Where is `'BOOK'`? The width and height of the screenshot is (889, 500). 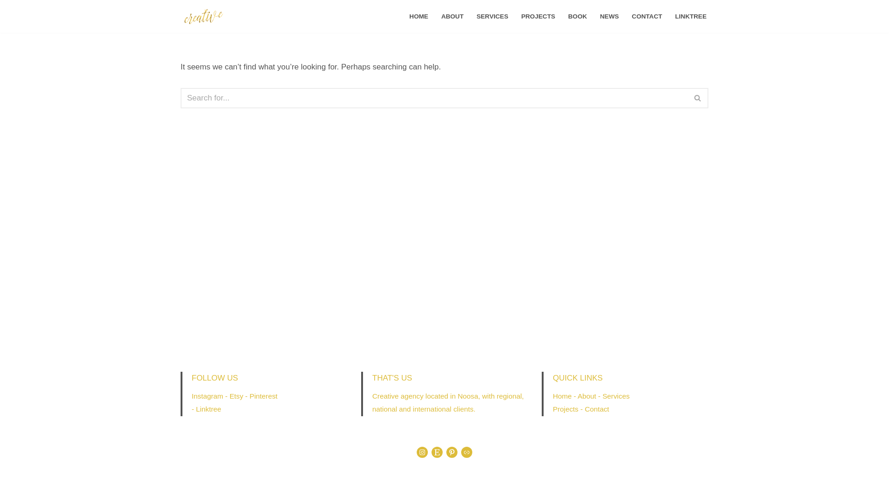
'BOOK' is located at coordinates (568, 16).